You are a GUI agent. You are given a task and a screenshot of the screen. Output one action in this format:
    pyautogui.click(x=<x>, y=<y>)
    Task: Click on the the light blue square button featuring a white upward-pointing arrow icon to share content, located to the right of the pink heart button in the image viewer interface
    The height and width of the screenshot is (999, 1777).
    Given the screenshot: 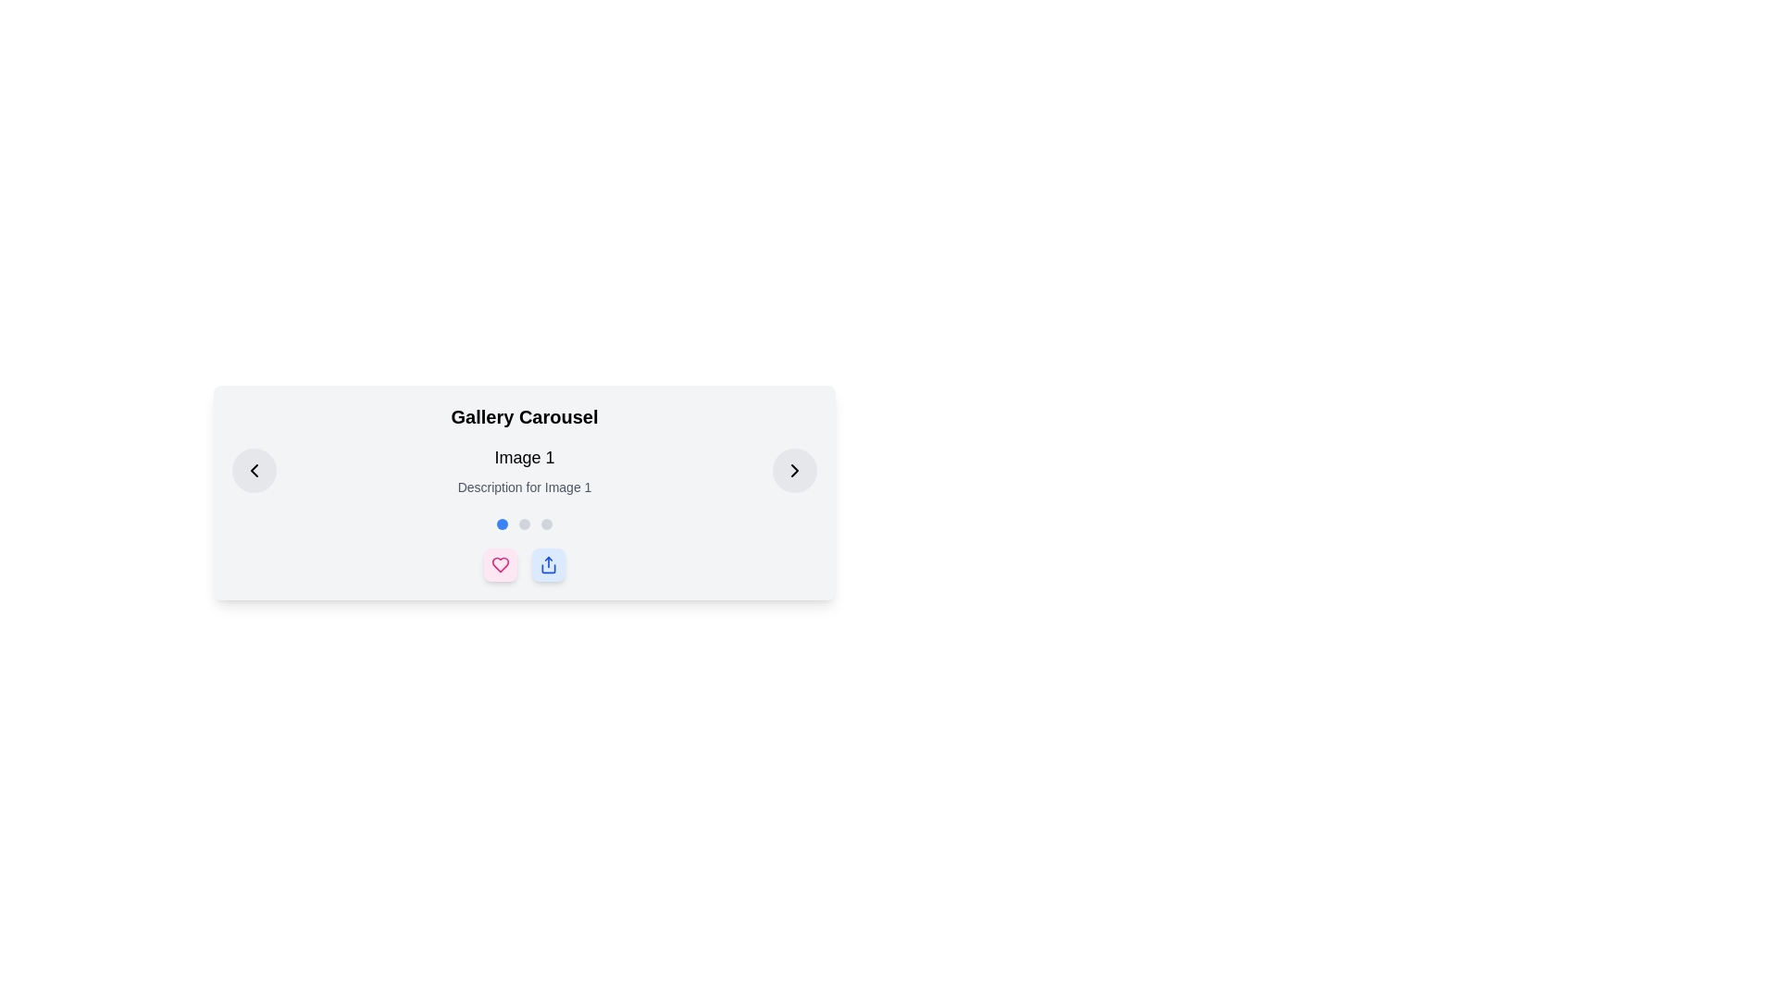 What is the action you would take?
    pyautogui.click(x=548, y=563)
    